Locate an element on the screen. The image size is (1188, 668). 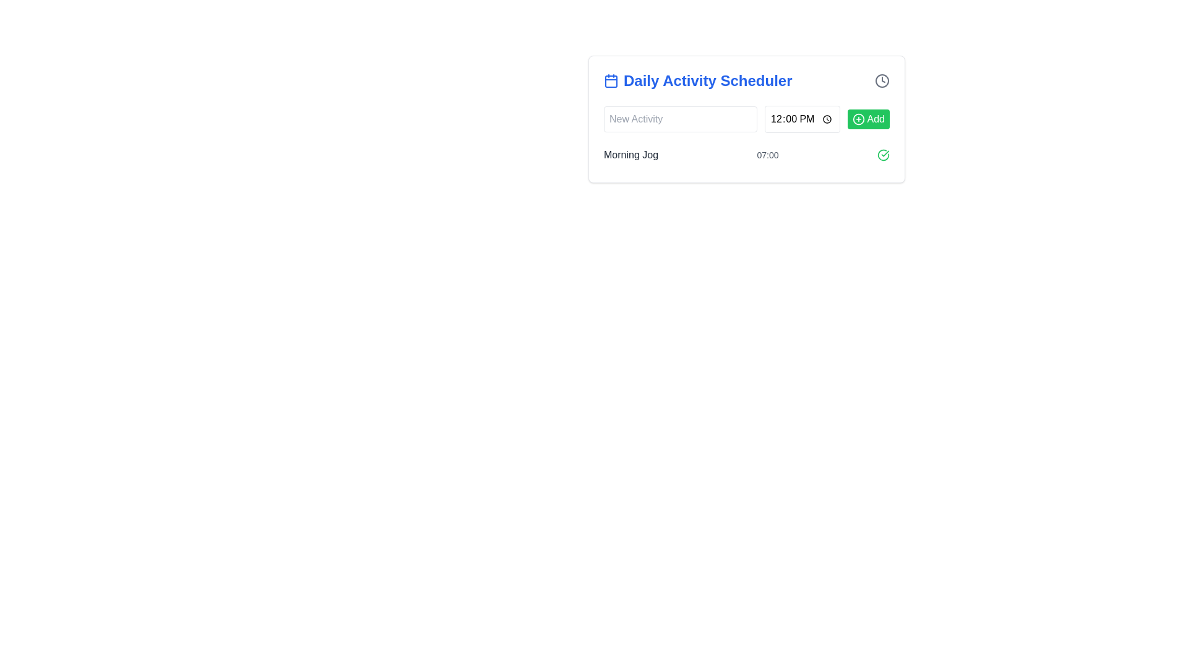
the static text element displaying '07:00', which is a time indicator located to the right of 'Morning Jog' is located at coordinates (767, 154).